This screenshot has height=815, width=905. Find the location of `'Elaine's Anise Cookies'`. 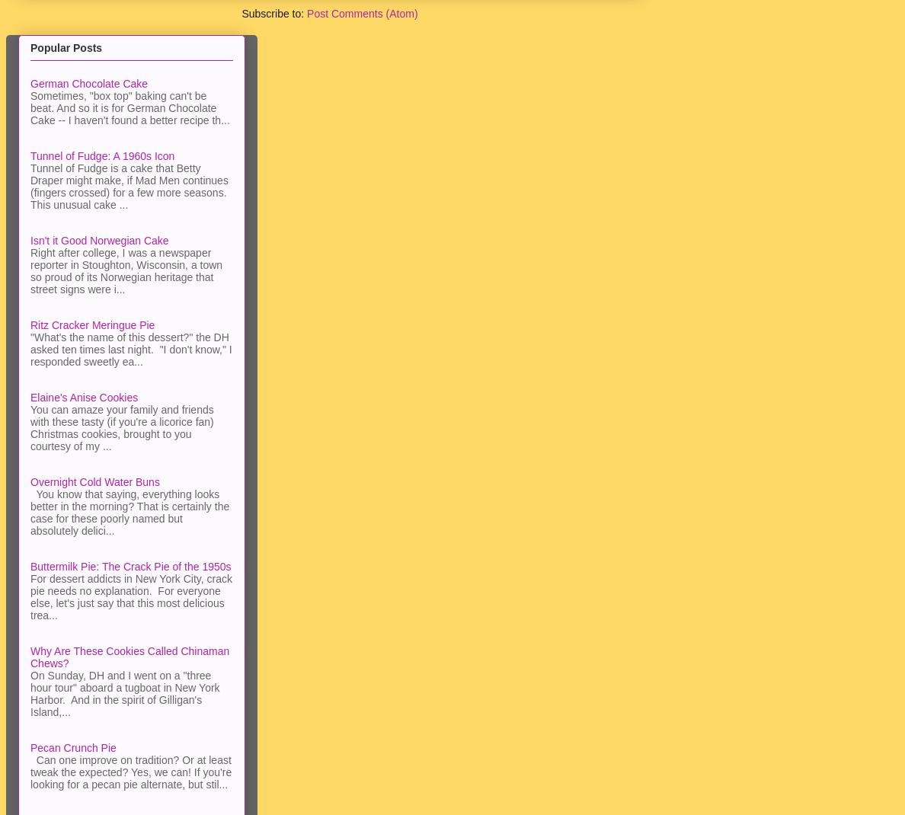

'Elaine's Anise Cookies' is located at coordinates (83, 398).